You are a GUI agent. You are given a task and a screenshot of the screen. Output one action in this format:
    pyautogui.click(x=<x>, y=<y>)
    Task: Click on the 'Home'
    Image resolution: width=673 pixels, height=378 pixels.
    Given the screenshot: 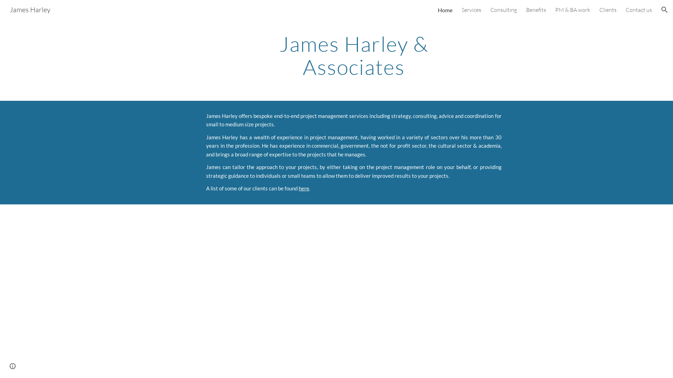 What is the action you would take?
    pyautogui.click(x=445, y=9)
    